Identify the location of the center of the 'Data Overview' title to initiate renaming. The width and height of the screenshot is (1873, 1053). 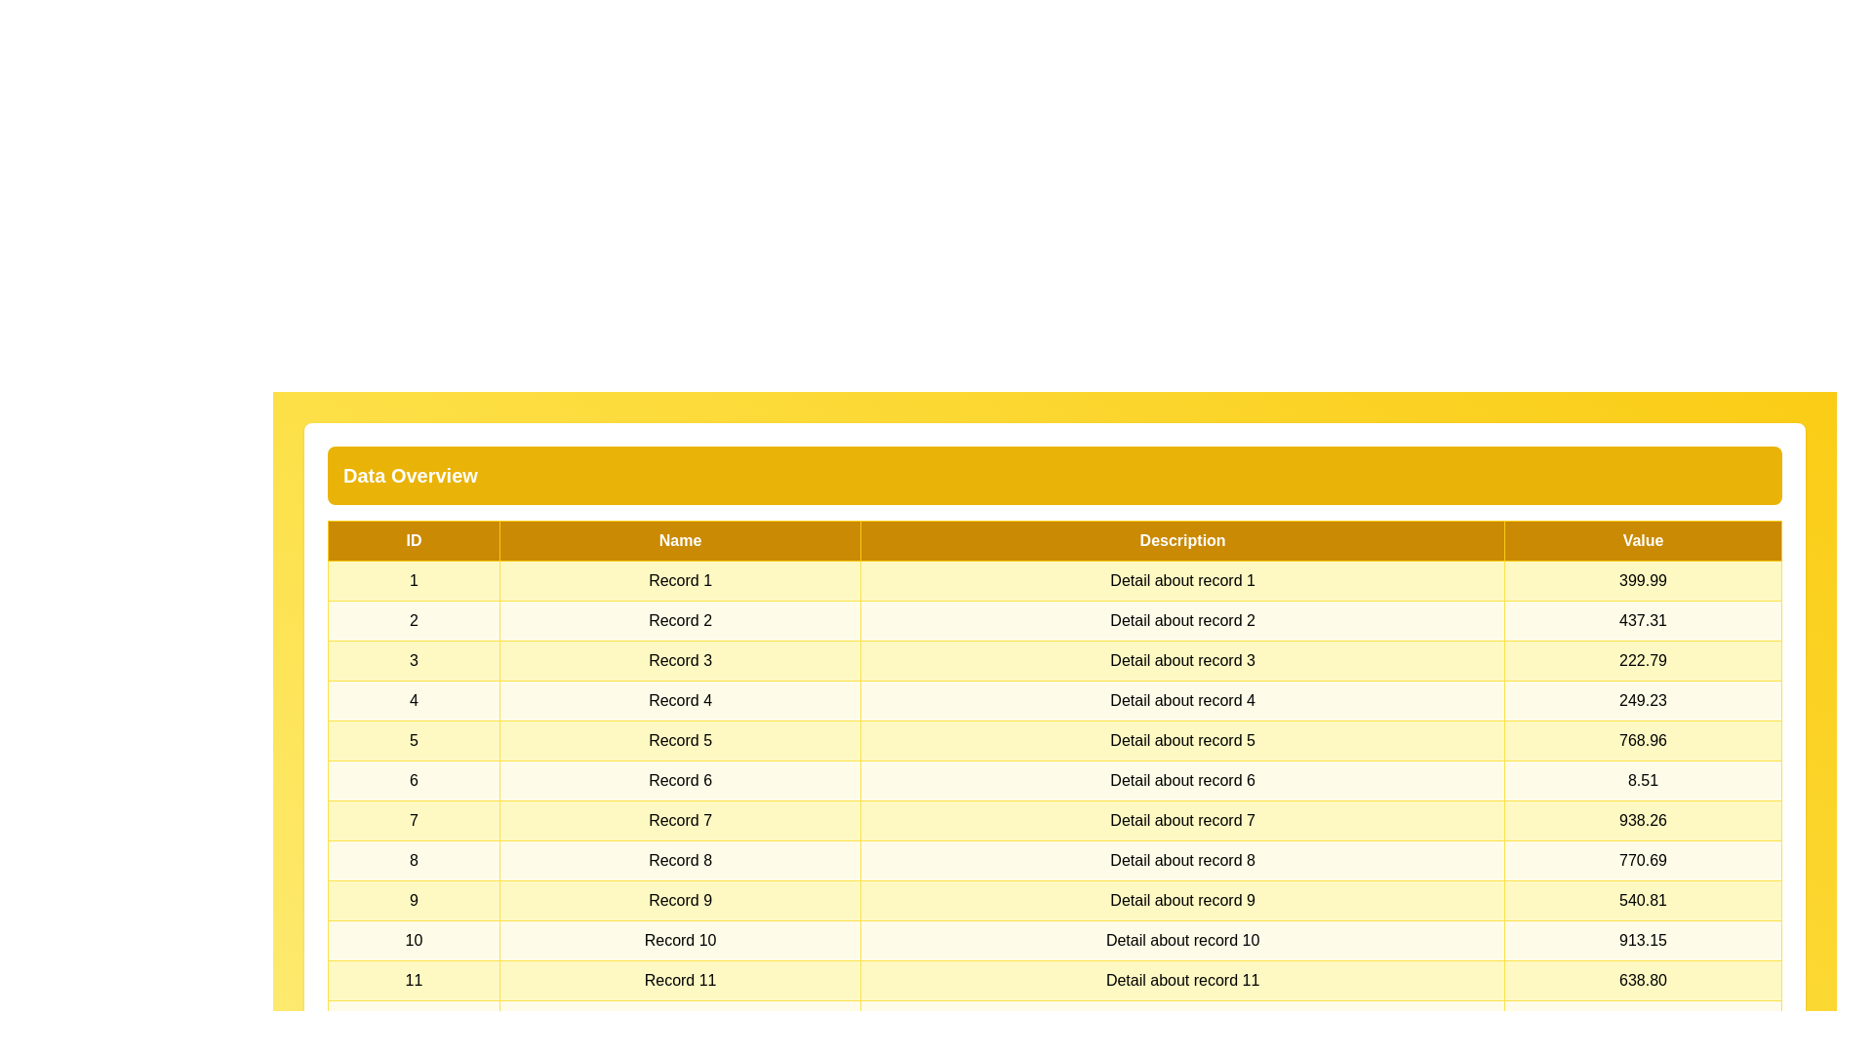
(1054, 476).